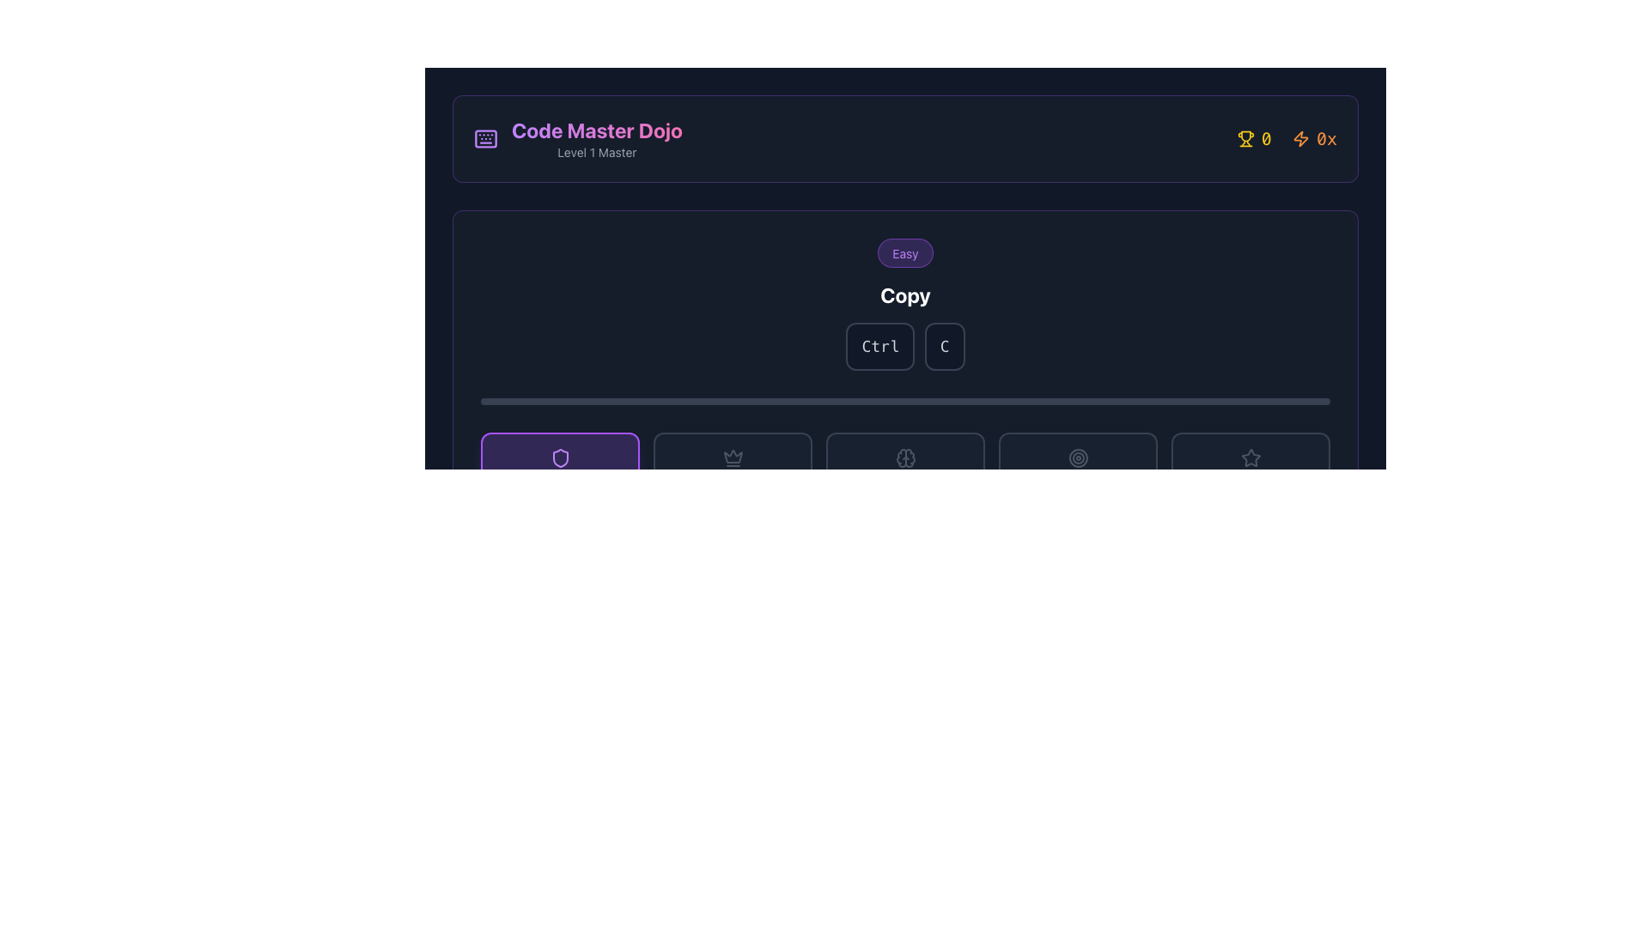 This screenshot has width=1649, height=927. I want to click on the text label displaying 'Level 1 Master' located beneath the header 'Code Master Dojo', so click(597, 151).